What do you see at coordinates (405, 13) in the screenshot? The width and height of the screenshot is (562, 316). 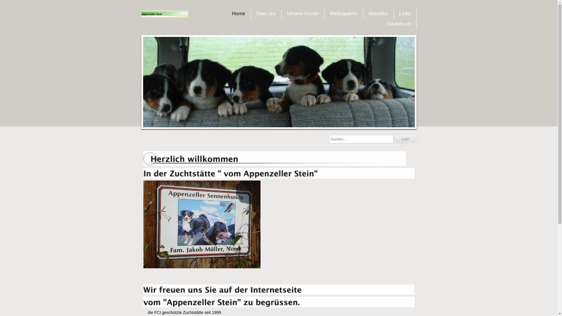 I see `'Links'` at bounding box center [405, 13].